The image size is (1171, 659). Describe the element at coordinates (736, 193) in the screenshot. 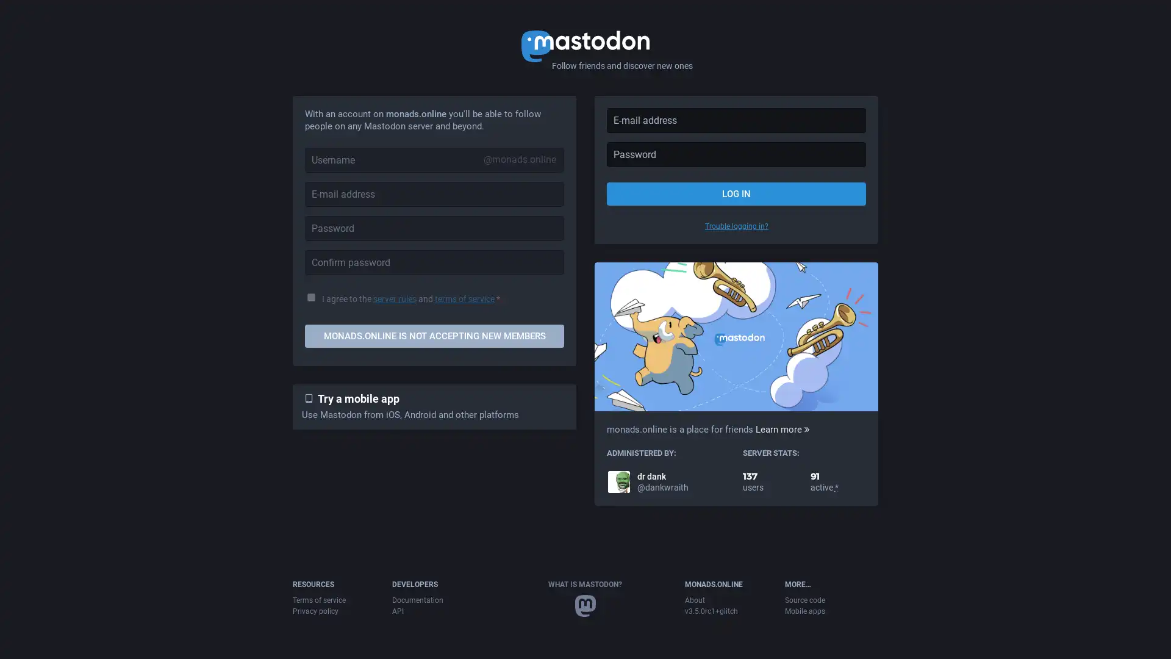

I see `LOG IN` at that location.